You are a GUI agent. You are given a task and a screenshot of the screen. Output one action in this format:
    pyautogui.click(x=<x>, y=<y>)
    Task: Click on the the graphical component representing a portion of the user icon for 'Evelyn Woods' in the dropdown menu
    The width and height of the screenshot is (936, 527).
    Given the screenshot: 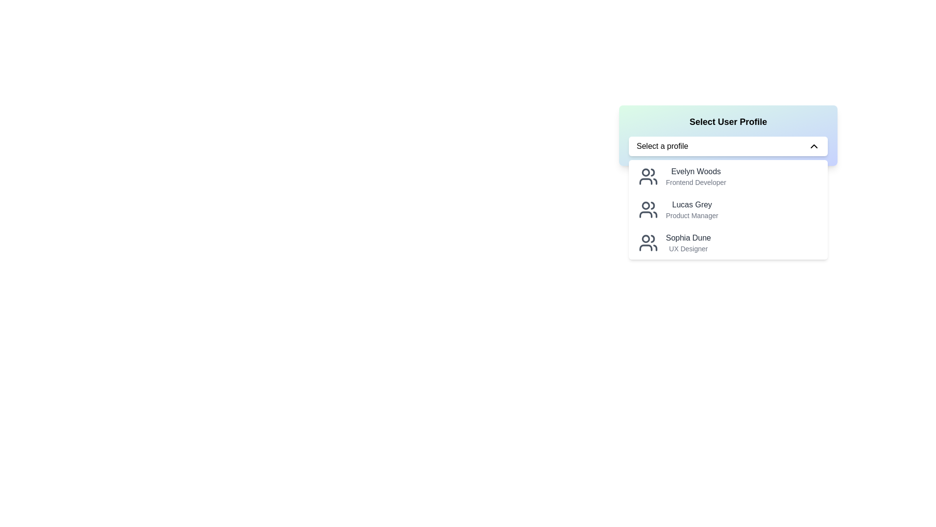 What is the action you would take?
    pyautogui.click(x=653, y=172)
    